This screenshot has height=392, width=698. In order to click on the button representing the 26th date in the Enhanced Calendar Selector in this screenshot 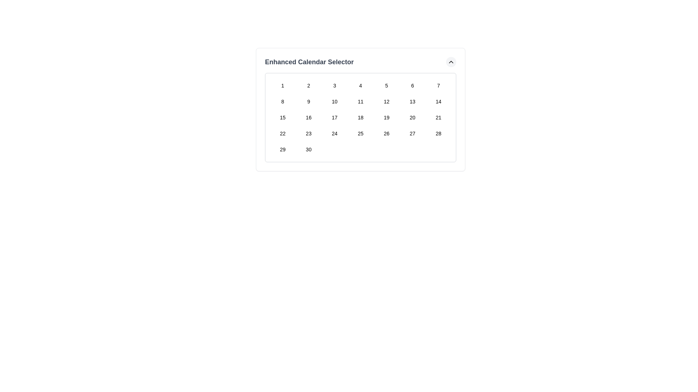, I will do `click(386, 133)`.